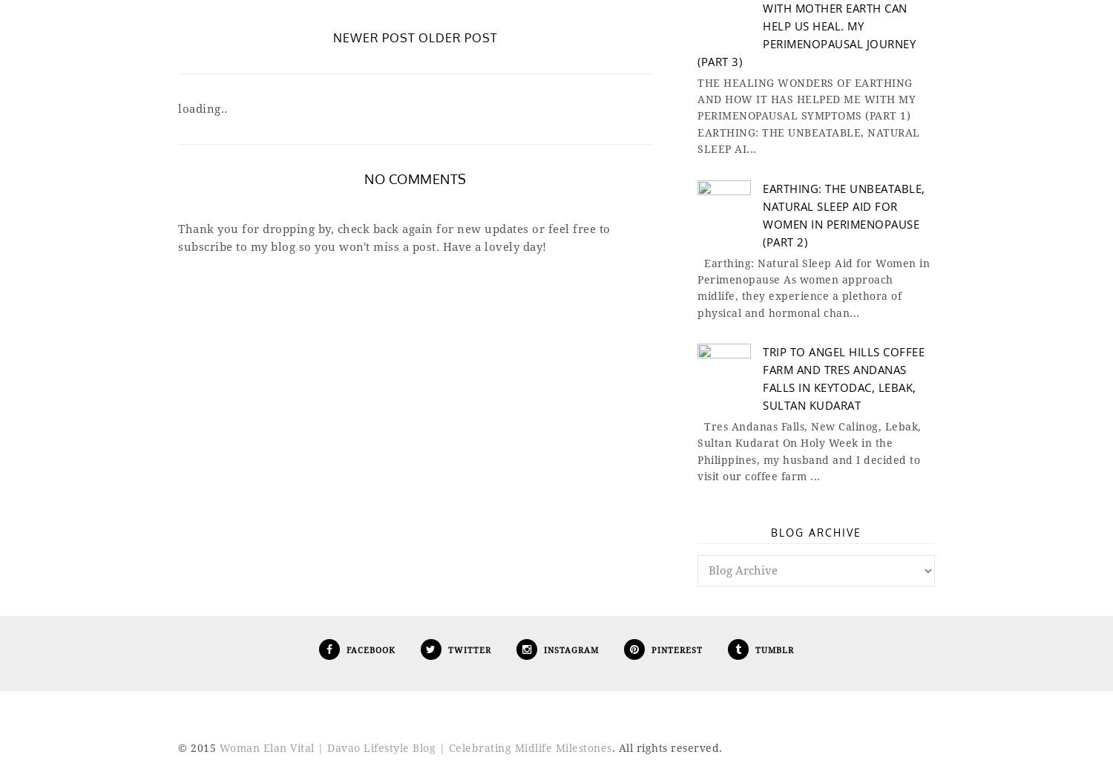 This screenshot has height=766, width=1113. Describe the element at coordinates (808, 451) in the screenshot. I see `'Tres Andanas Falls, New Calinog, Lebak, Sultan Kudarat On Holy Week in the Philippines, my husband and I decided to visit our coffee farm ...'` at that location.